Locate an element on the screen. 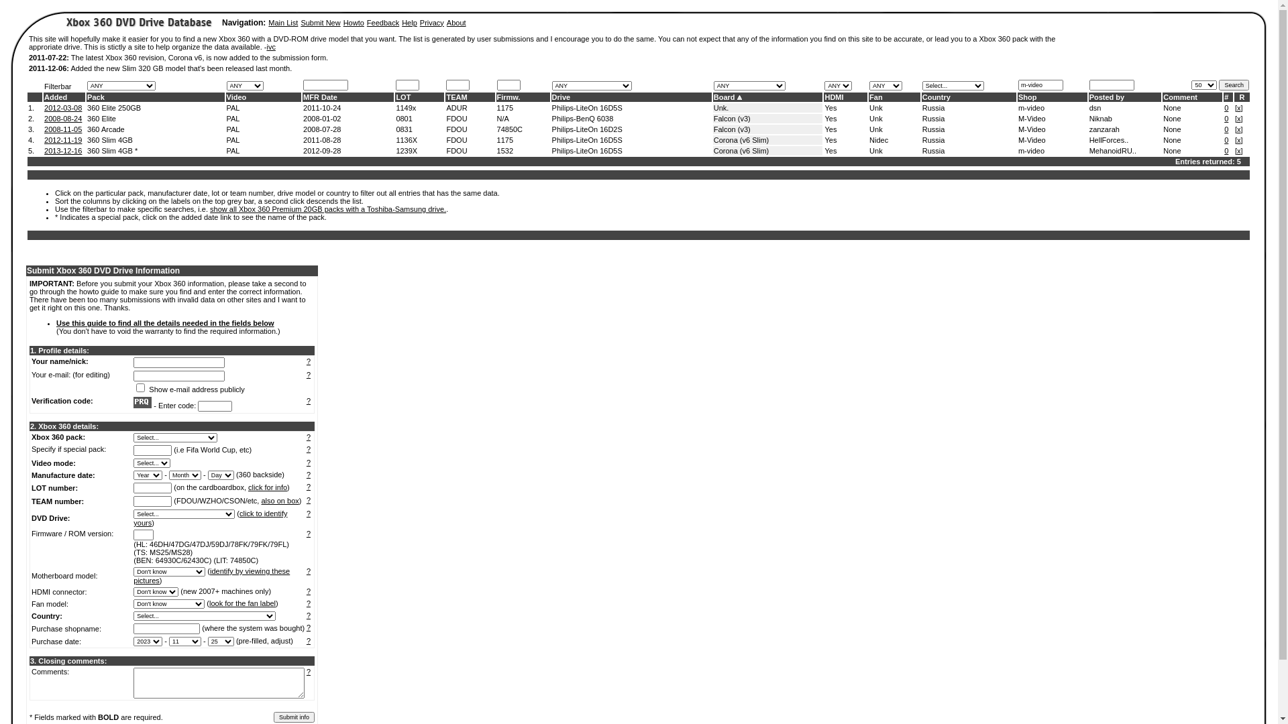  '0831' is located at coordinates (402, 129).